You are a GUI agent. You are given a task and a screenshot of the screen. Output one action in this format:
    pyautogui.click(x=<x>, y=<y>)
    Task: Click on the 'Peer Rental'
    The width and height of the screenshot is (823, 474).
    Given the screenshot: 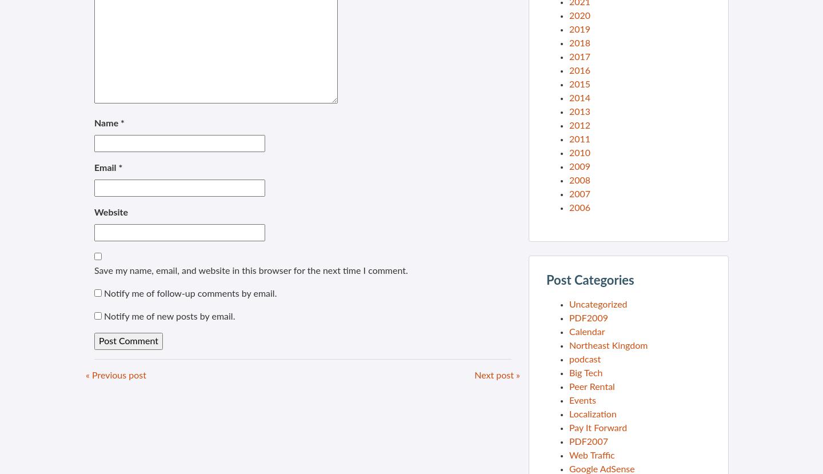 What is the action you would take?
    pyautogui.click(x=592, y=385)
    